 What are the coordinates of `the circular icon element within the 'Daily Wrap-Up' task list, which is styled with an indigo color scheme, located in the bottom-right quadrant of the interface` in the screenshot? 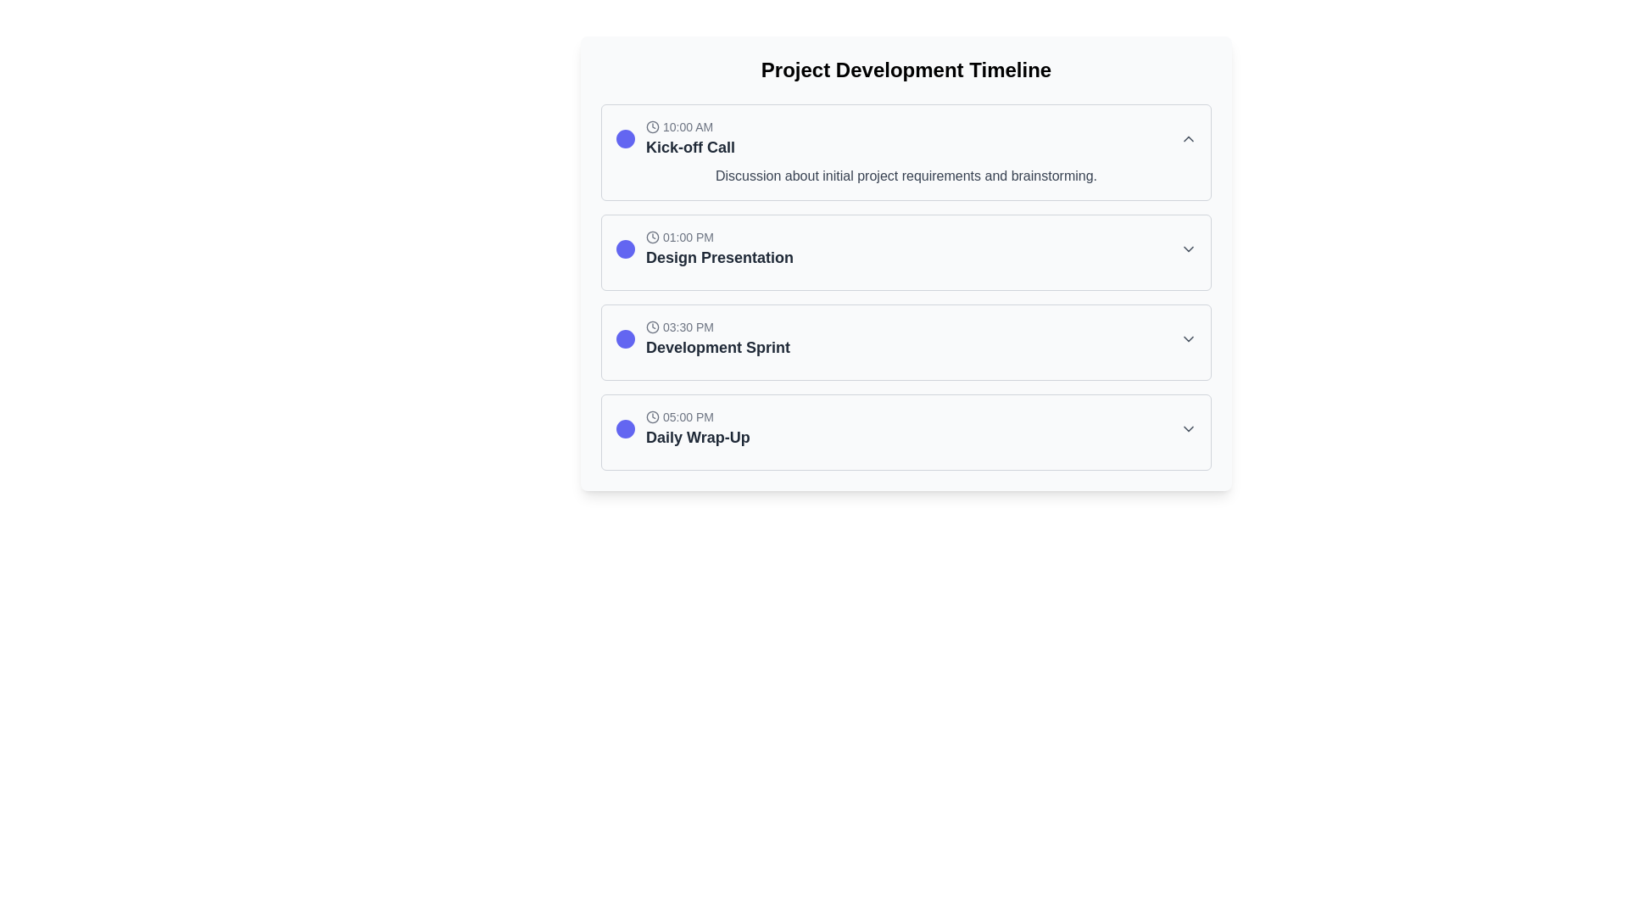 It's located at (625, 427).